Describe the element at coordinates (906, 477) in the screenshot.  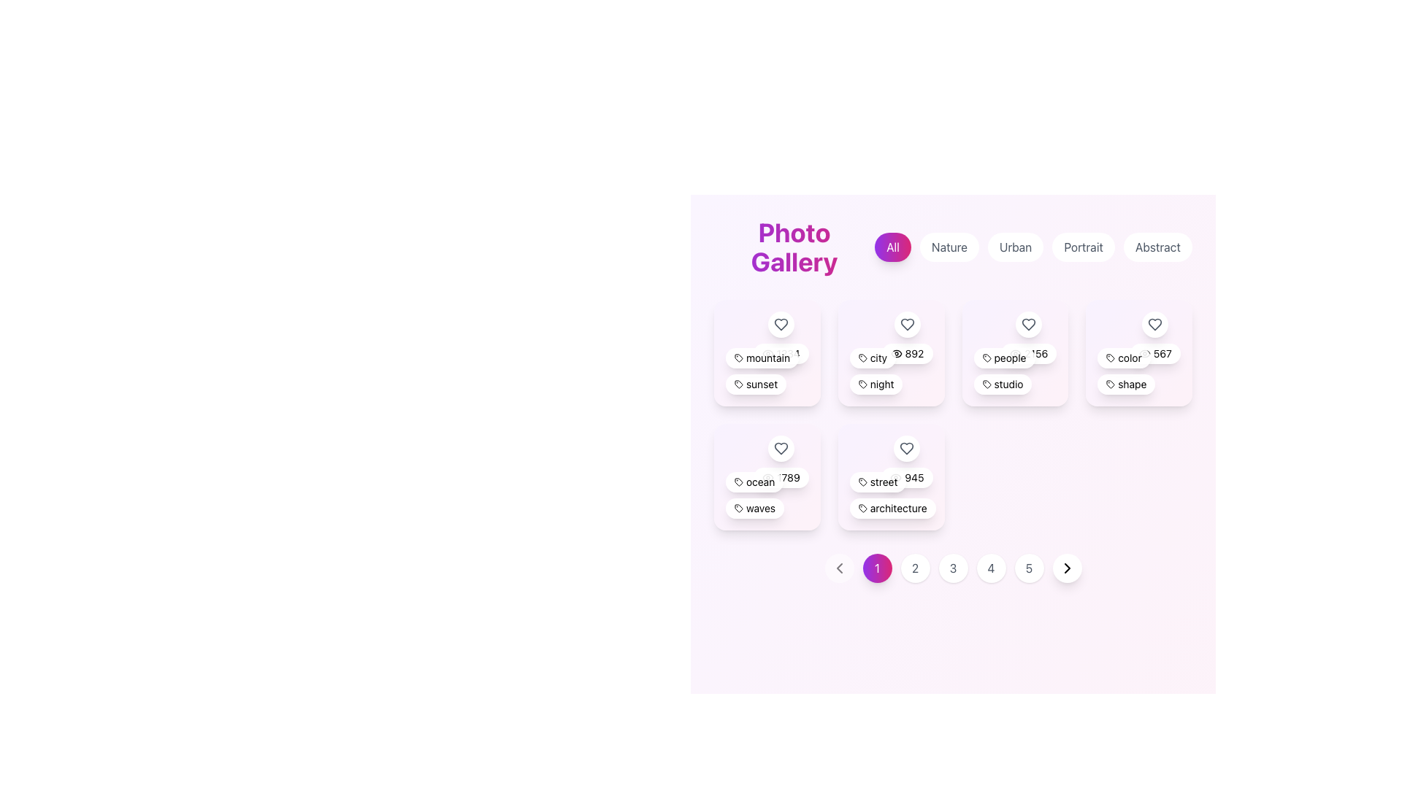
I see `view count displayed on the badge or label located in the 'street' category box, positioned below 'city' and next to 'architecture'` at that location.